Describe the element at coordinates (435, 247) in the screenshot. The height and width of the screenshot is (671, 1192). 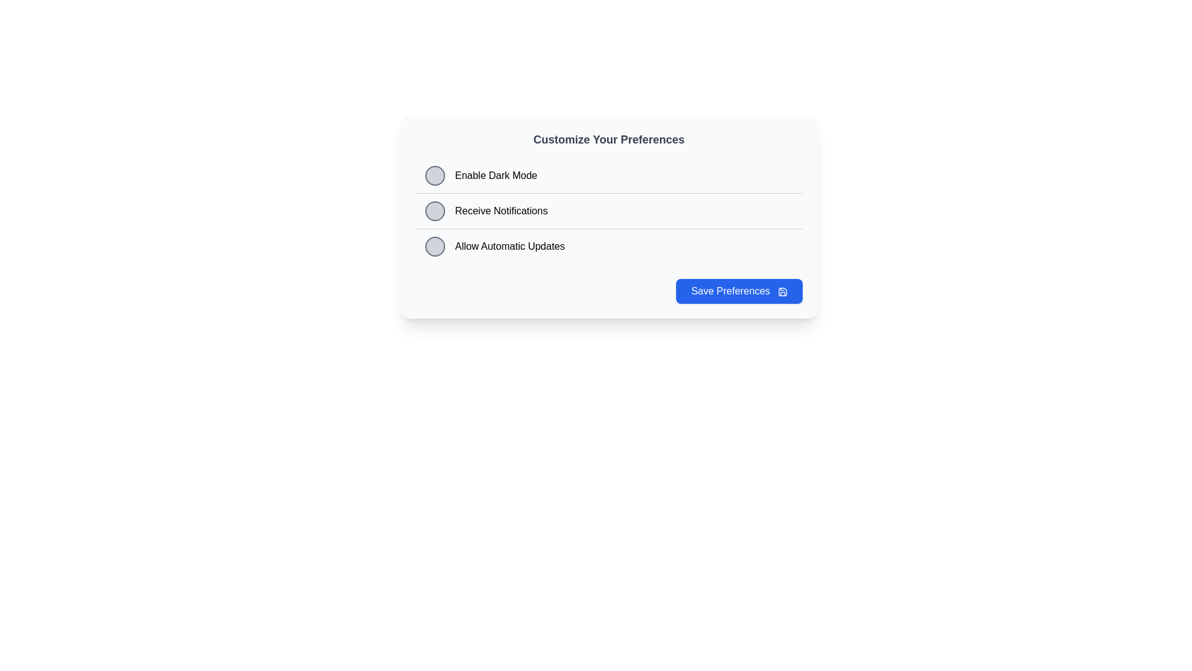
I see `the active radio button next to the text 'Allow Automatic Updates'` at that location.